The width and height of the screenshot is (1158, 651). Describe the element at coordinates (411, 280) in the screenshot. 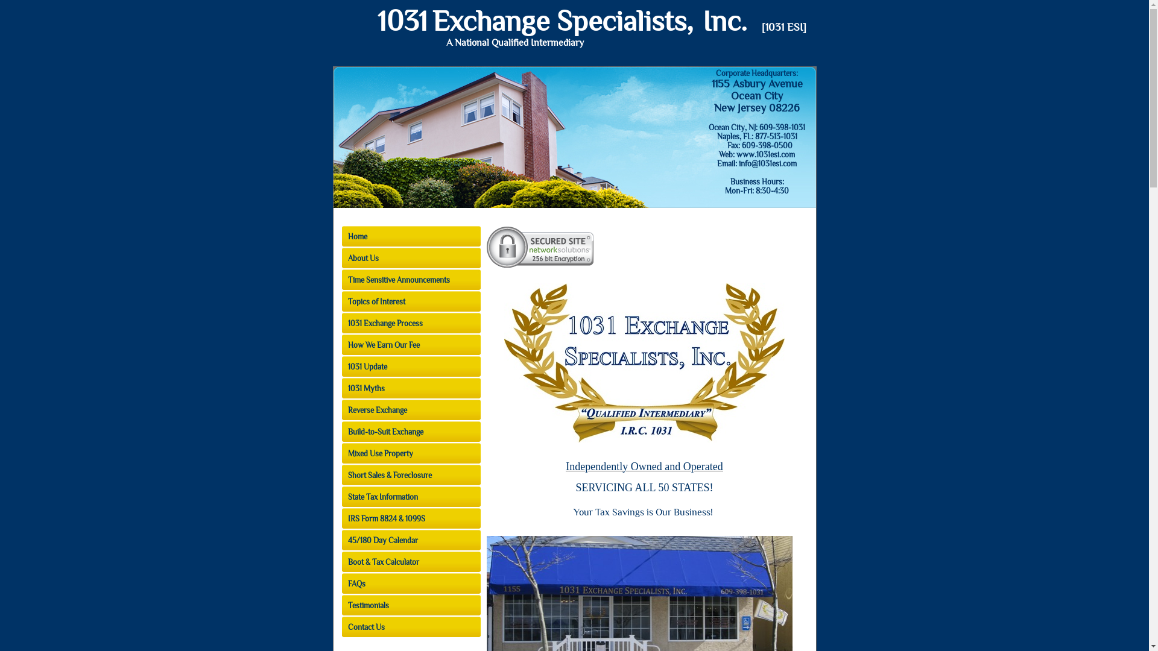

I see `'Time Sensitive Announcements'` at that location.